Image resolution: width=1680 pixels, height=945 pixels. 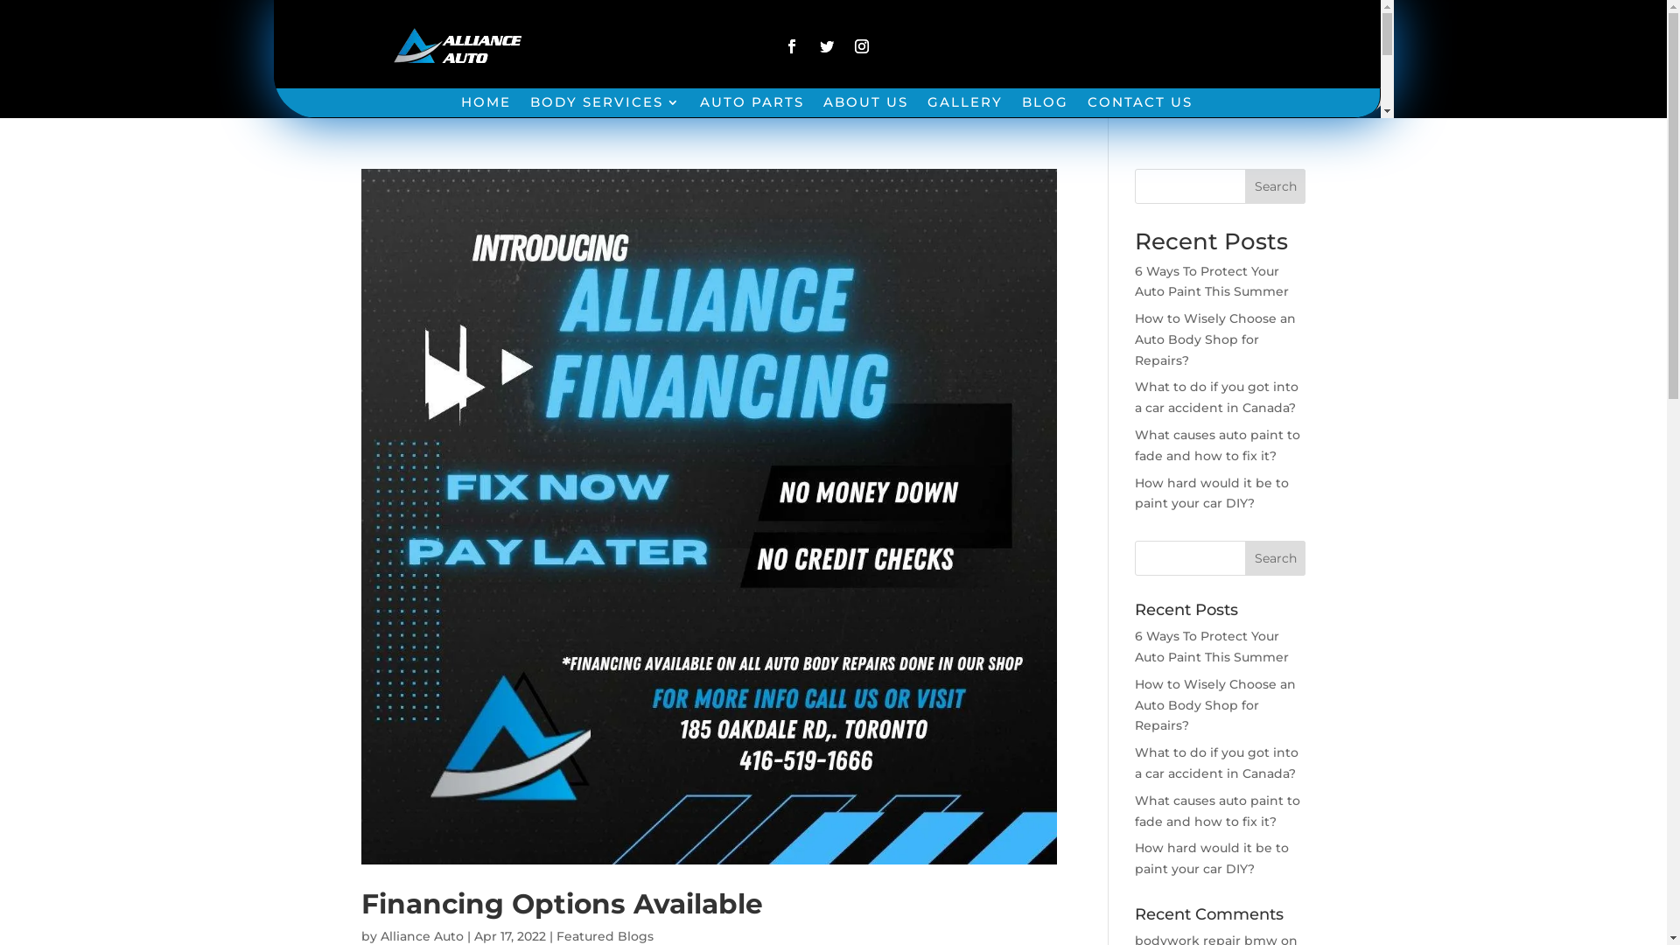 I want to click on 'Follow on Facebook', so click(x=791, y=45).